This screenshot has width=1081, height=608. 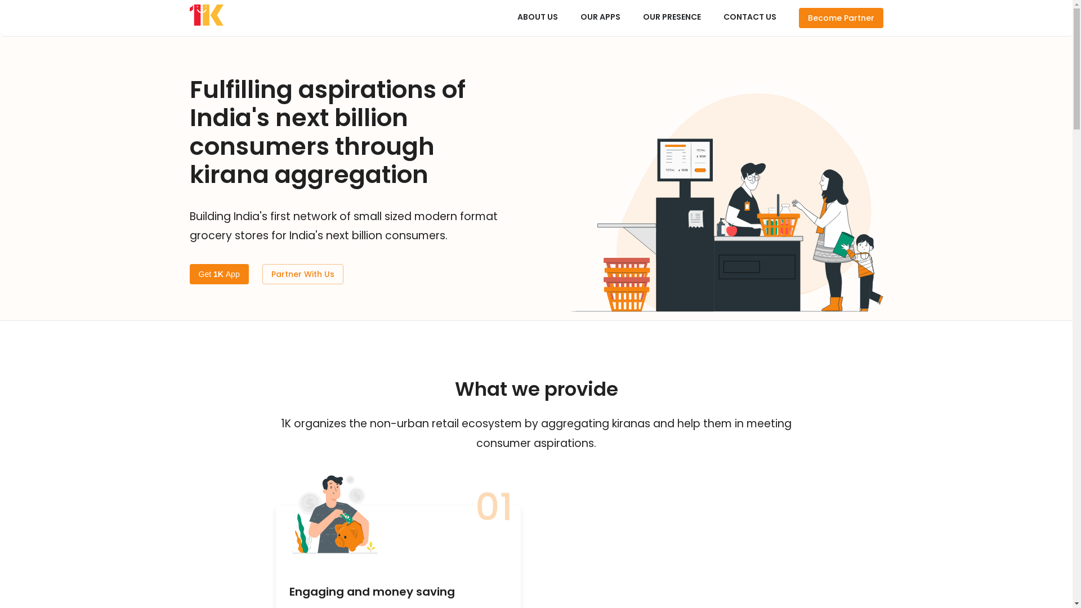 I want to click on 'Get 1K App', so click(x=218, y=274).